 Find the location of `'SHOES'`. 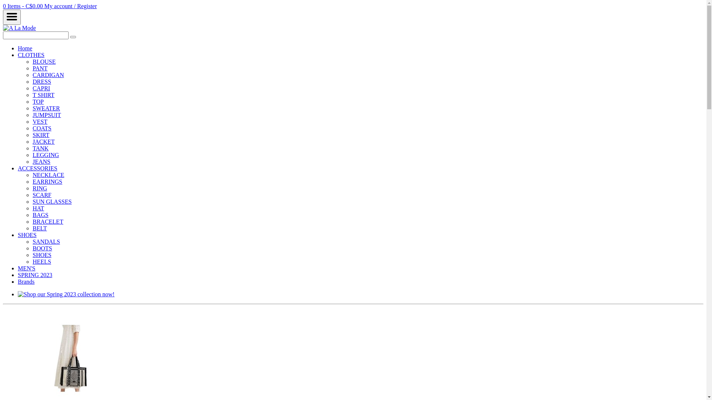

'SHOES' is located at coordinates (42, 254).